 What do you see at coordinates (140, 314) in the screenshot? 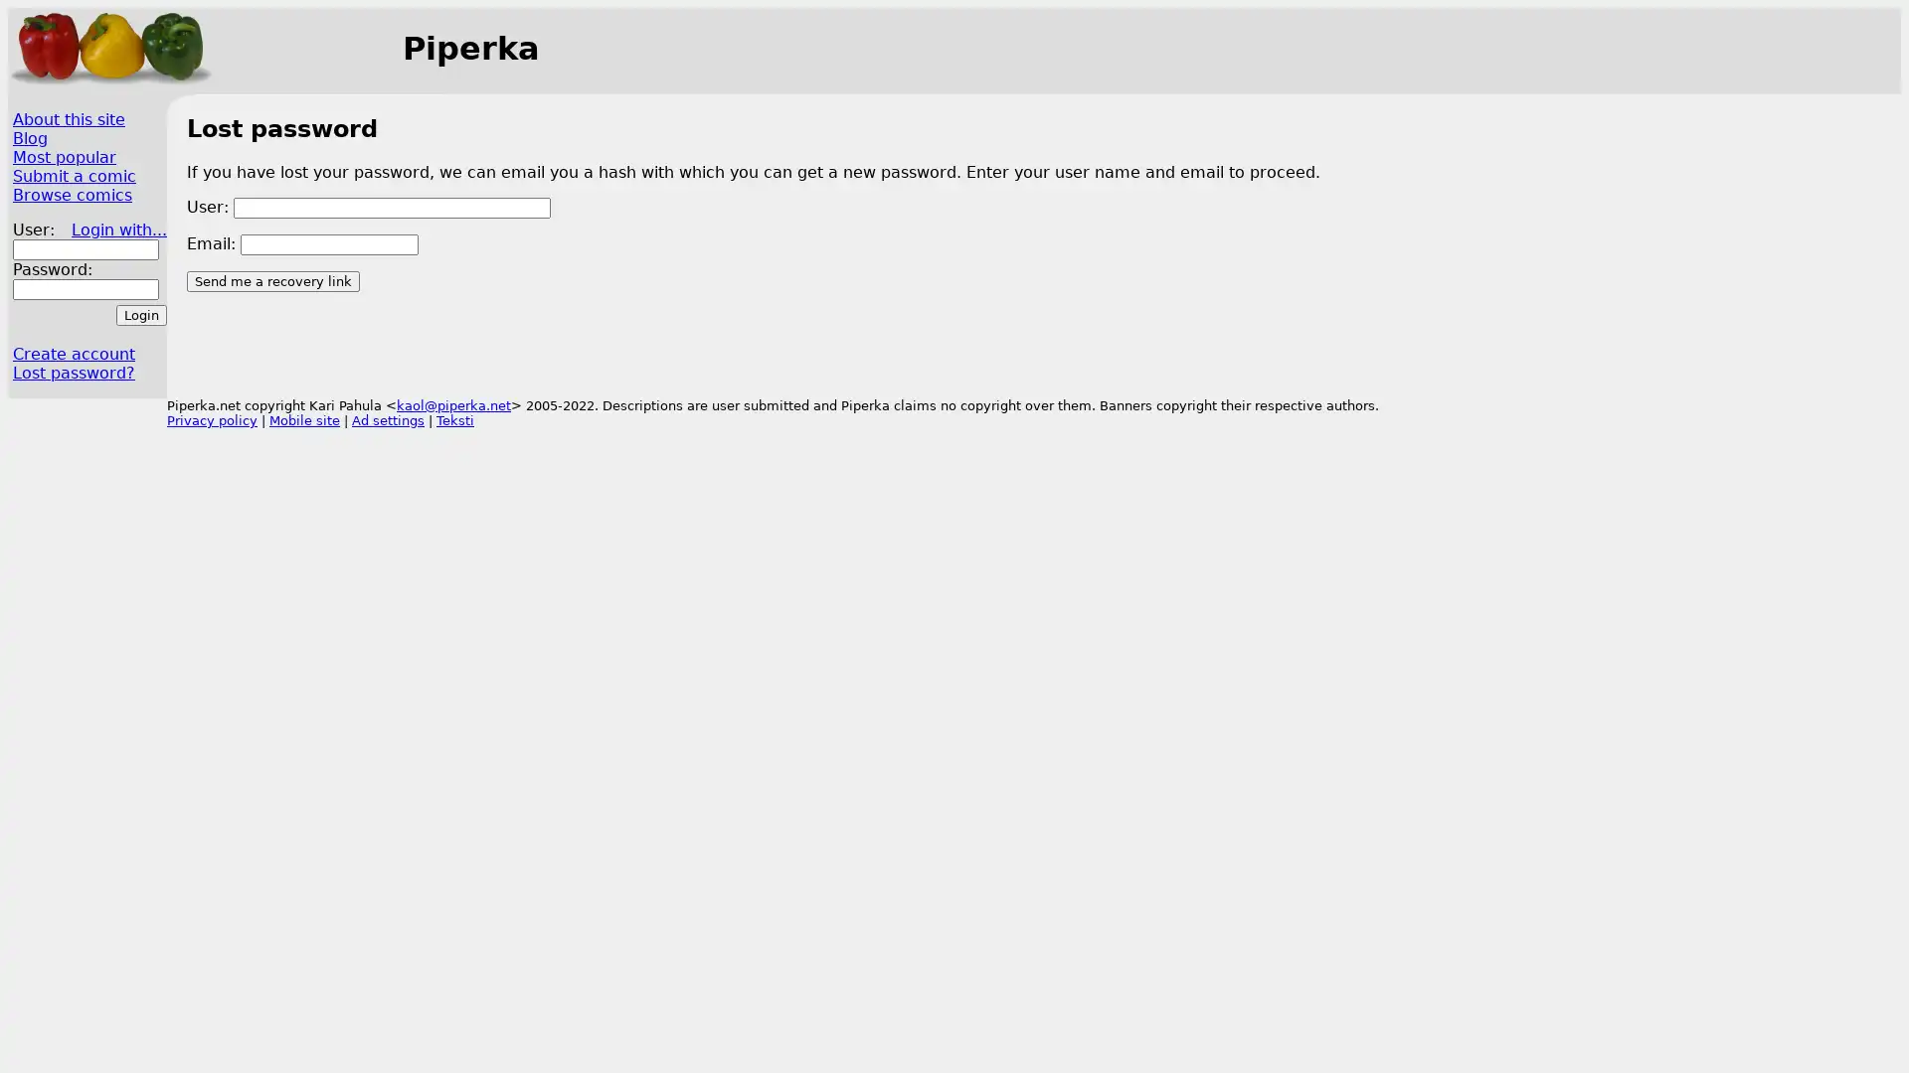
I see `Login` at bounding box center [140, 314].